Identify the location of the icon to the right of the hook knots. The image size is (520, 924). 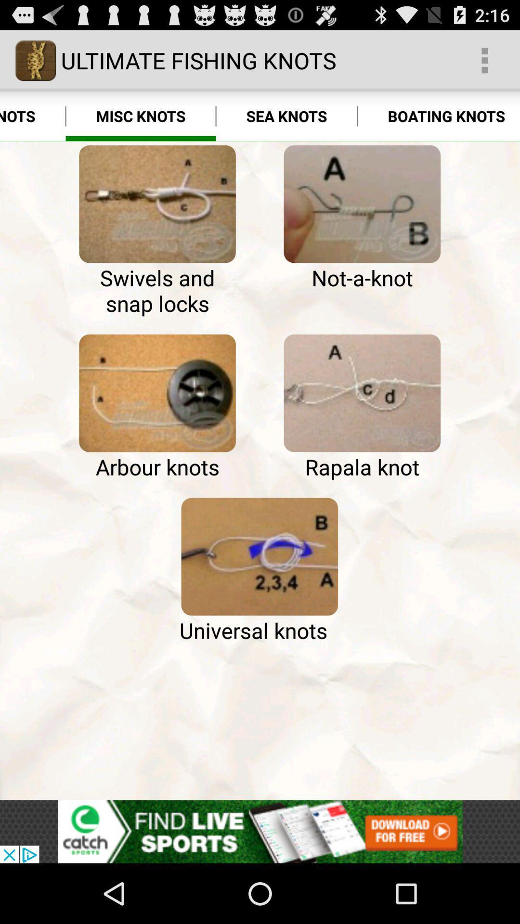
(141, 115).